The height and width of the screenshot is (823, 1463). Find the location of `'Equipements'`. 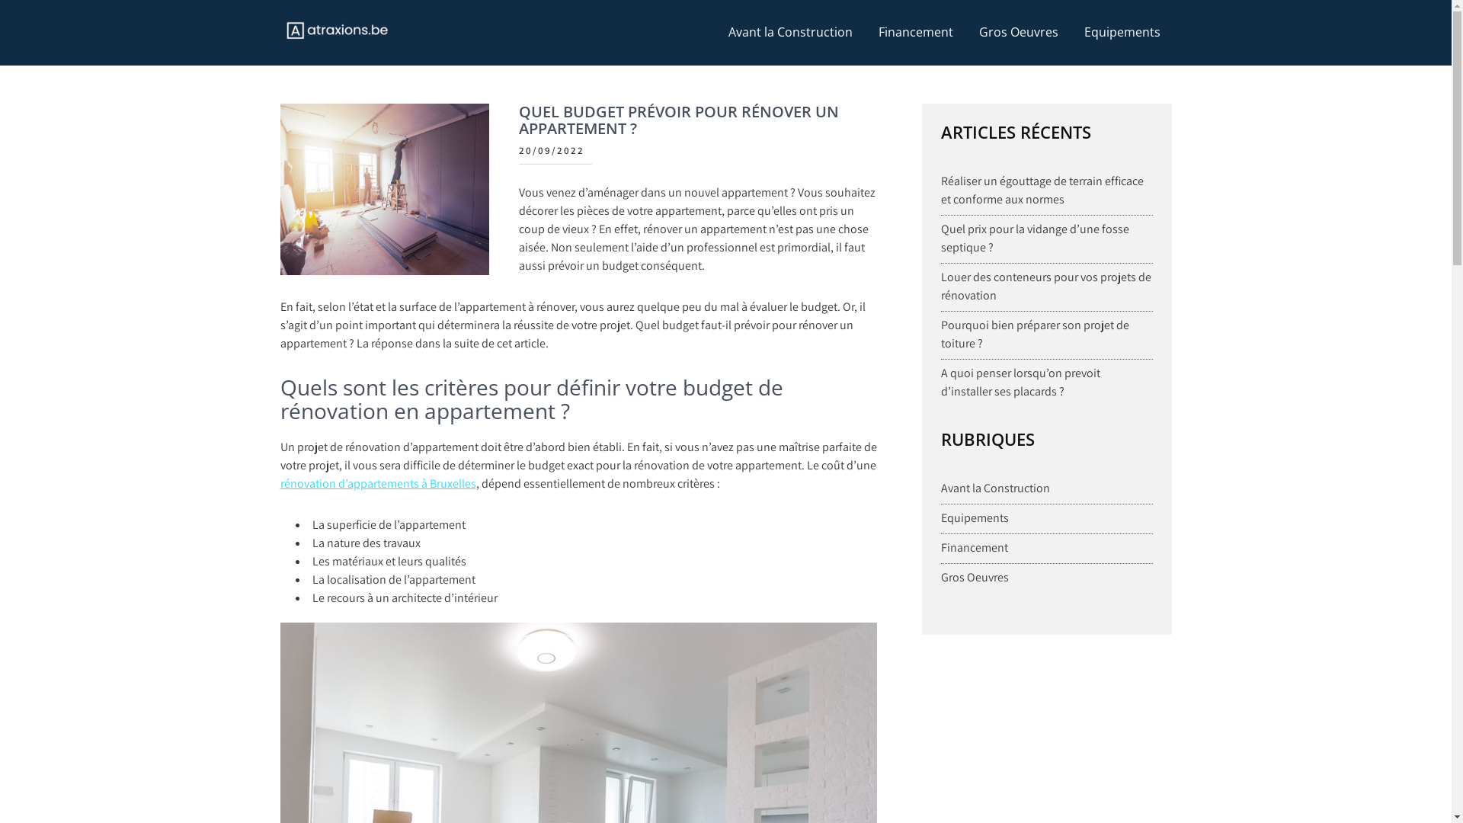

'Equipements' is located at coordinates (974, 517).